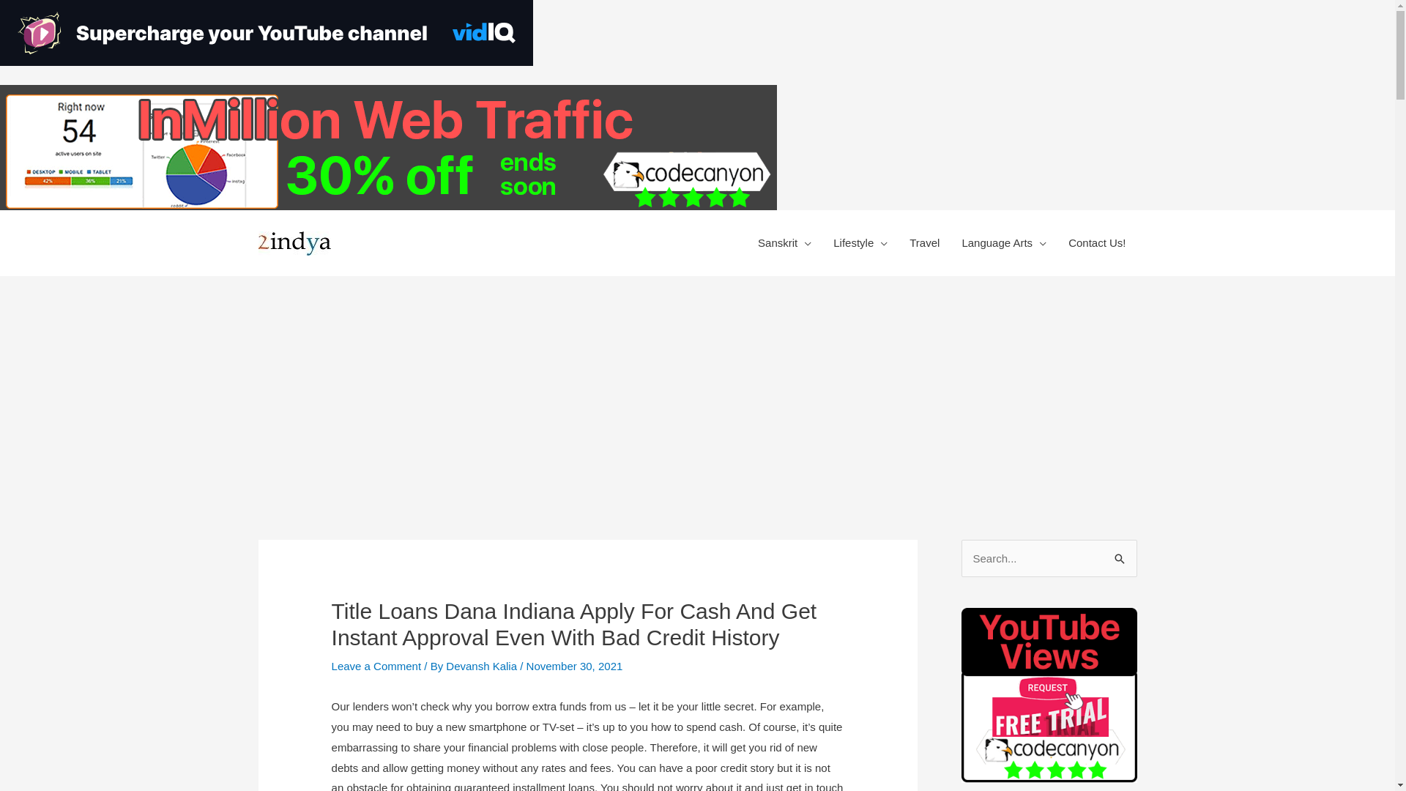 This screenshot has height=791, width=1406. I want to click on 'Search', so click(1120, 559).